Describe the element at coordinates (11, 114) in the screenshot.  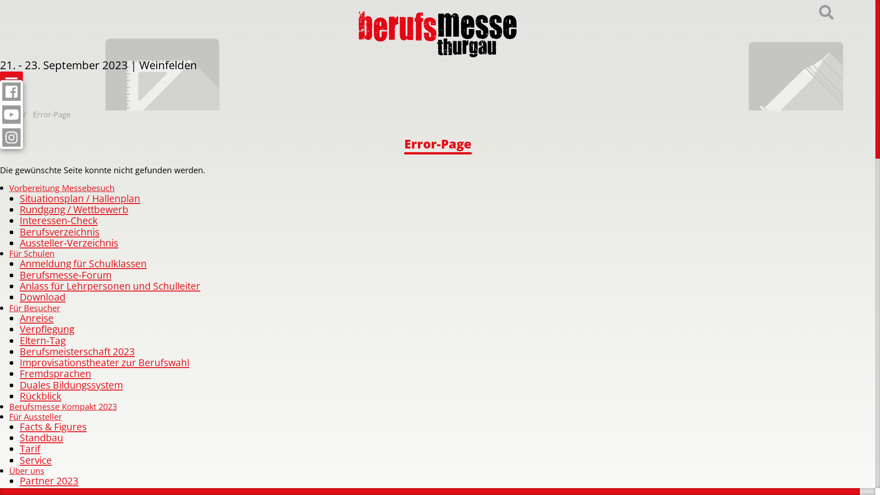
I see `'Home'` at that location.